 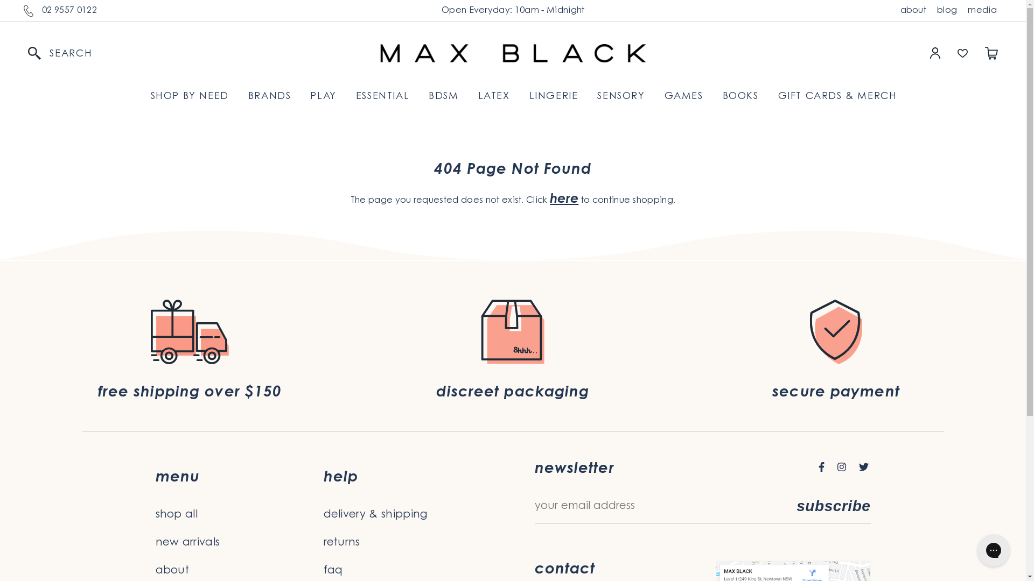 What do you see at coordinates (913, 10) in the screenshot?
I see `'about'` at bounding box center [913, 10].